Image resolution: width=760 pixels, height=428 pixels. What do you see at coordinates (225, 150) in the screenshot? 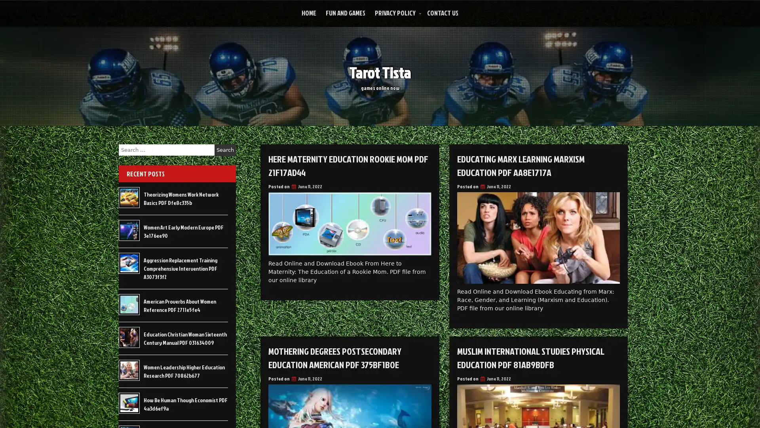
I see `Search` at bounding box center [225, 150].